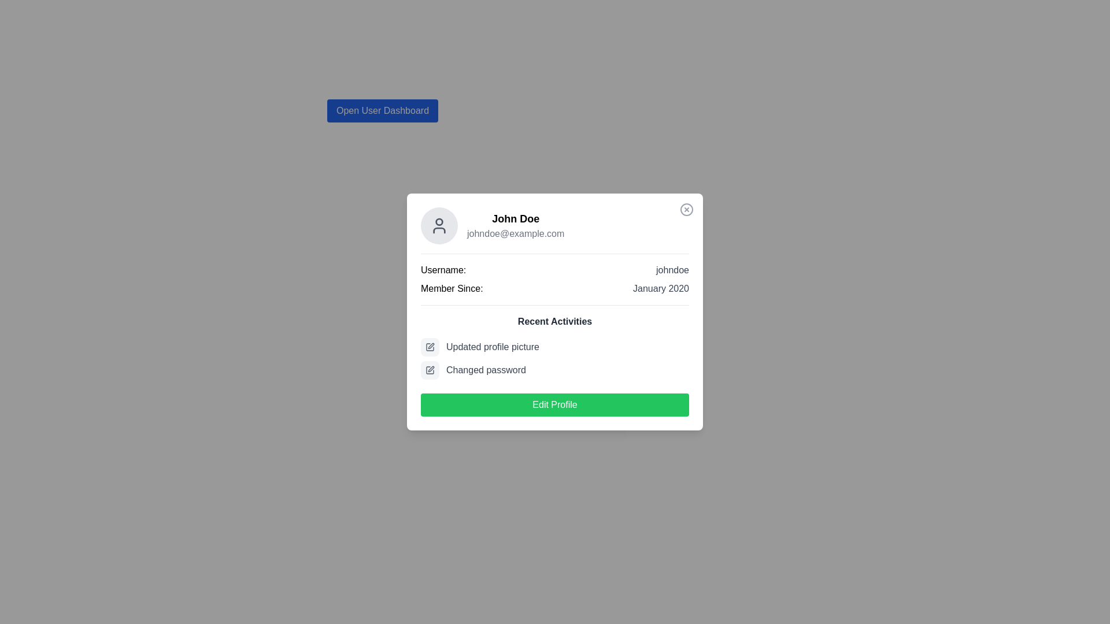 This screenshot has width=1110, height=624. I want to click on the circular icon with a thin border and a cross mark inside, located at the top-right corner of the user profile card component, so click(687, 209).